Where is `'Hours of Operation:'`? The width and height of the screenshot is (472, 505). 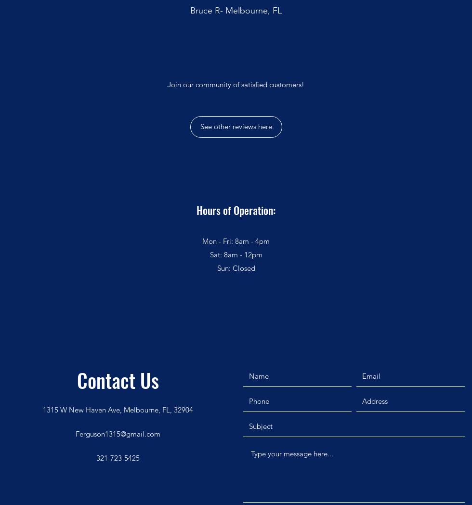
'Hours of Operation:' is located at coordinates (236, 210).